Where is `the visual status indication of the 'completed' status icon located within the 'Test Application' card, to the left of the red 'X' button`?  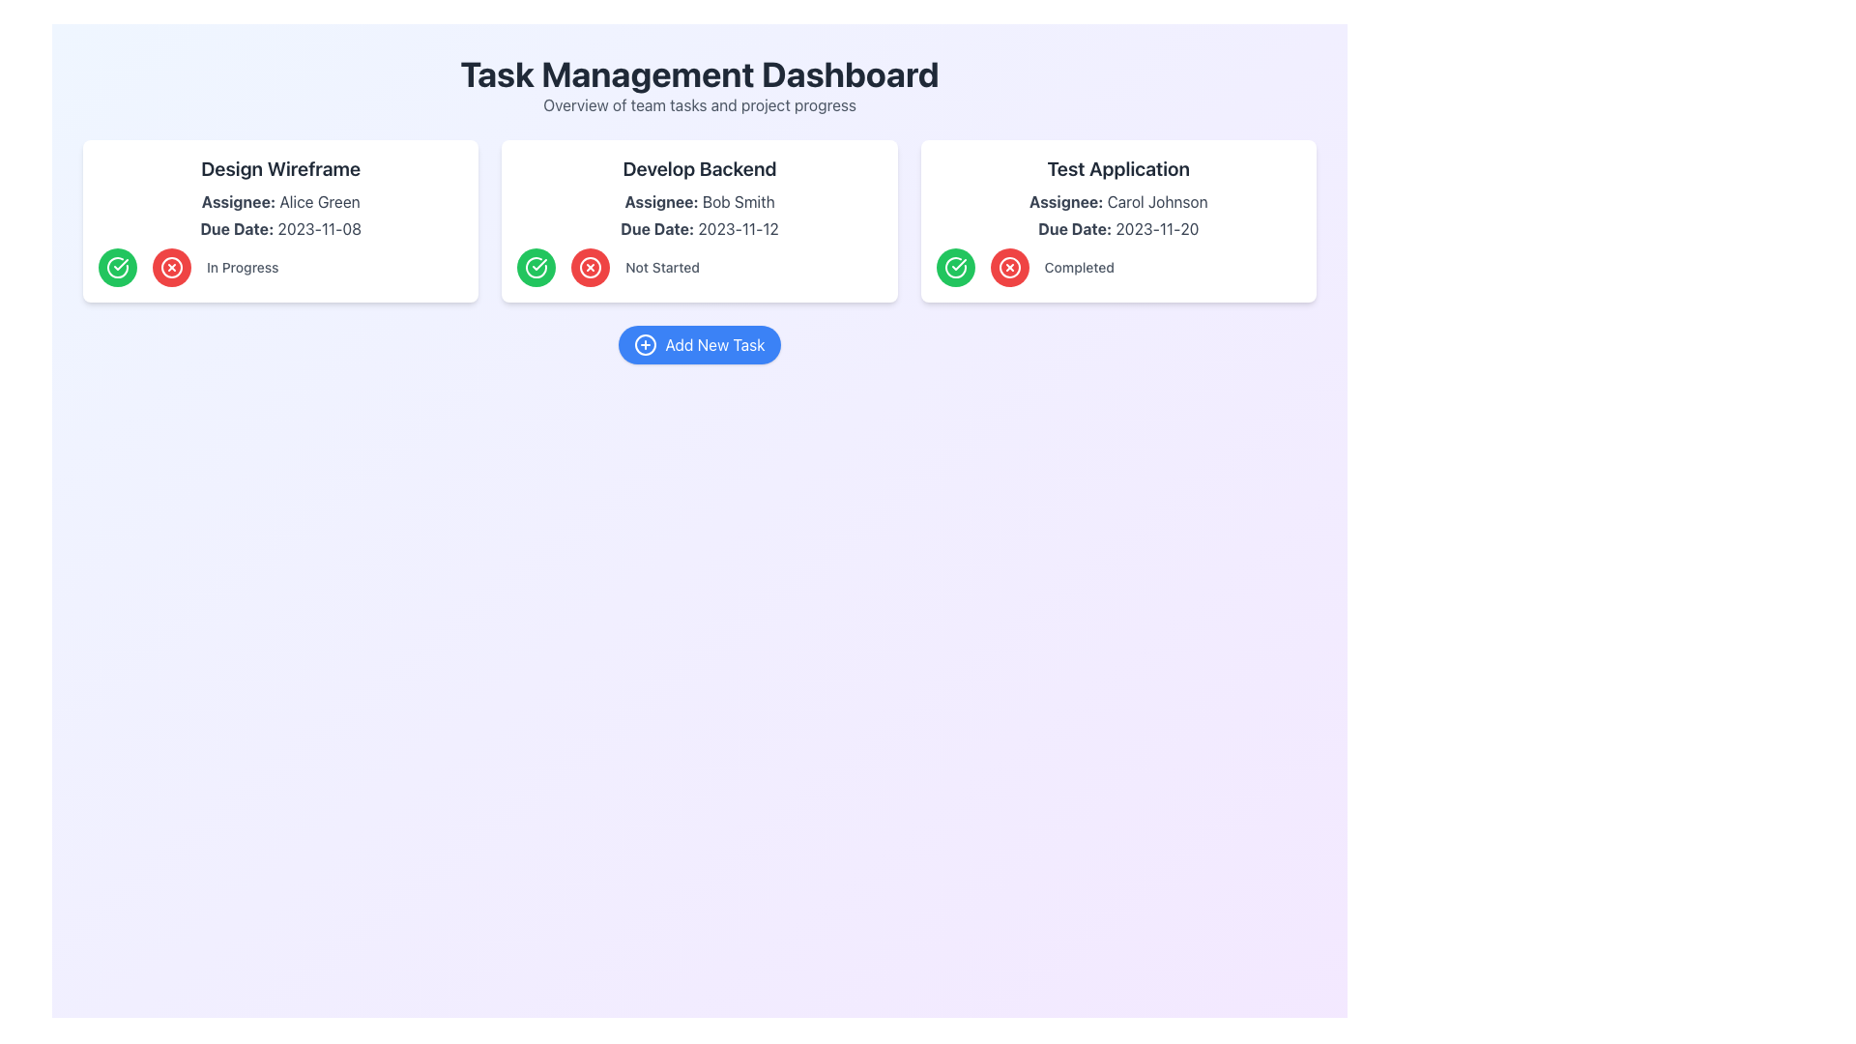 the visual status indication of the 'completed' status icon located within the 'Test Application' card, to the left of the red 'X' button is located at coordinates (955, 268).